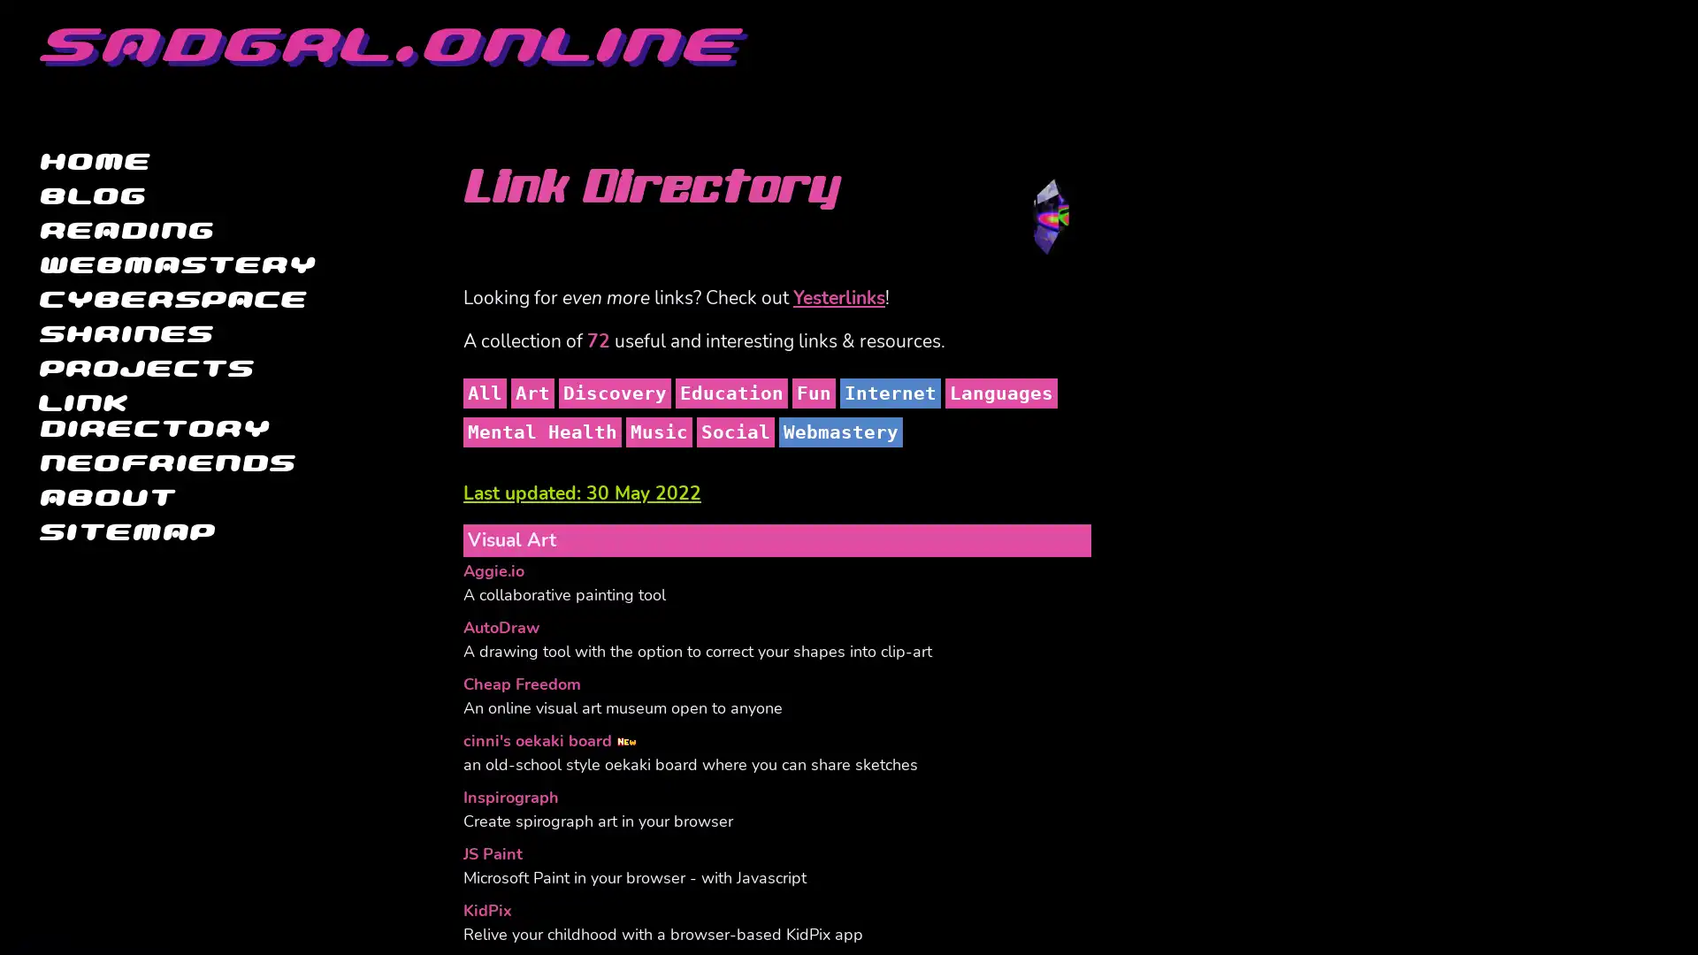 This screenshot has width=1698, height=955. What do you see at coordinates (532, 391) in the screenshot?
I see `Art` at bounding box center [532, 391].